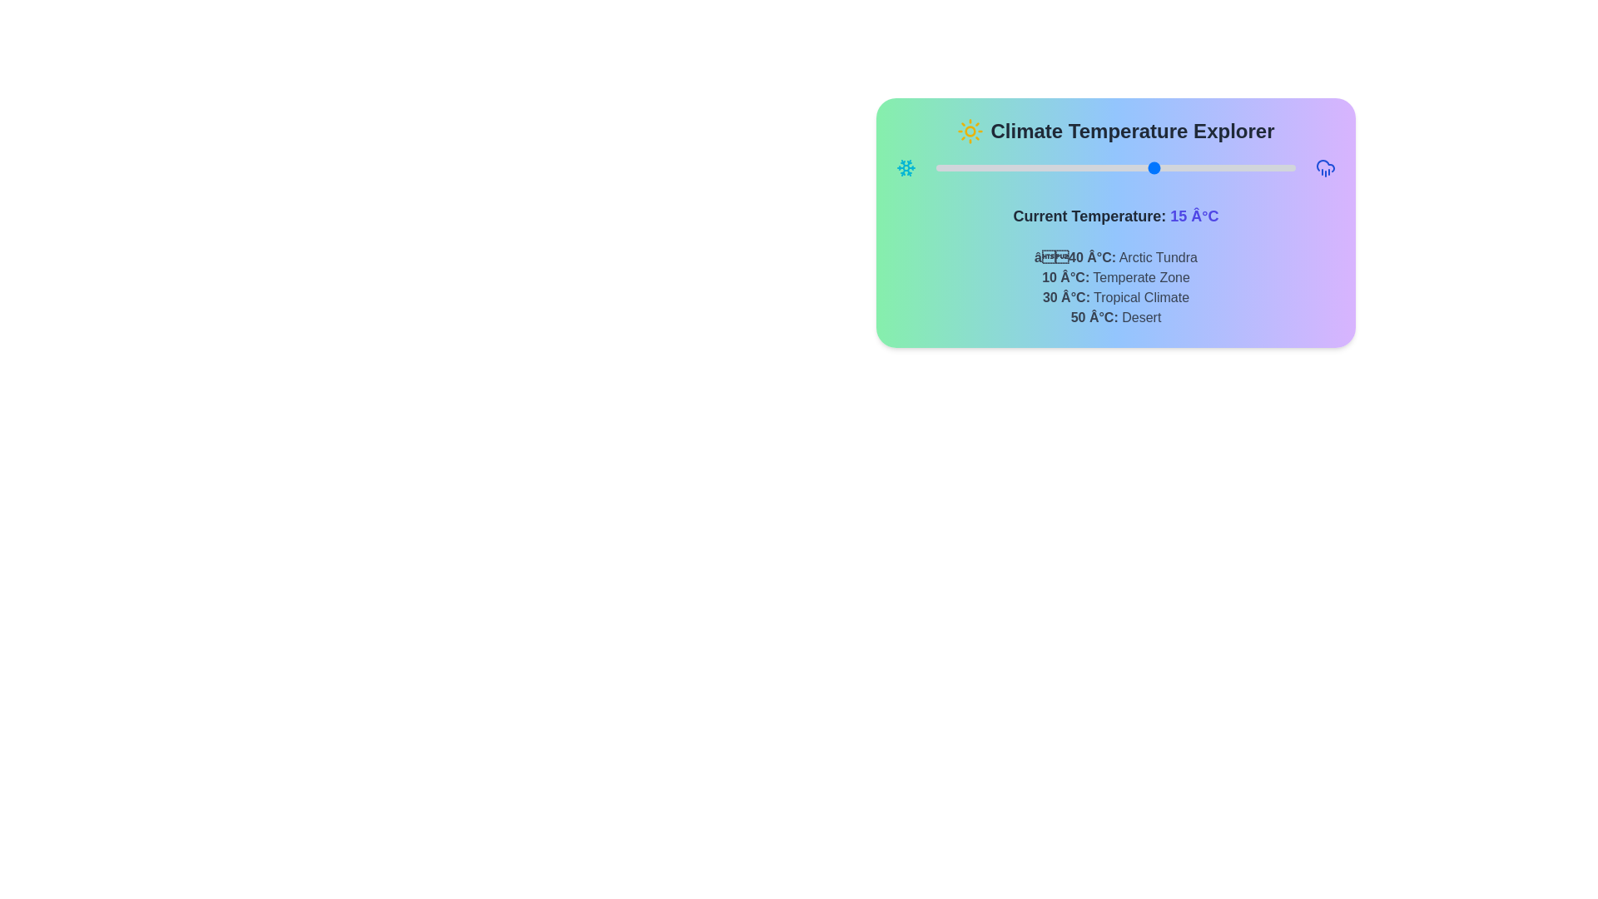 Image resolution: width=1598 pixels, height=899 pixels. I want to click on the snowflake icon to simulate user interaction, so click(906, 167).